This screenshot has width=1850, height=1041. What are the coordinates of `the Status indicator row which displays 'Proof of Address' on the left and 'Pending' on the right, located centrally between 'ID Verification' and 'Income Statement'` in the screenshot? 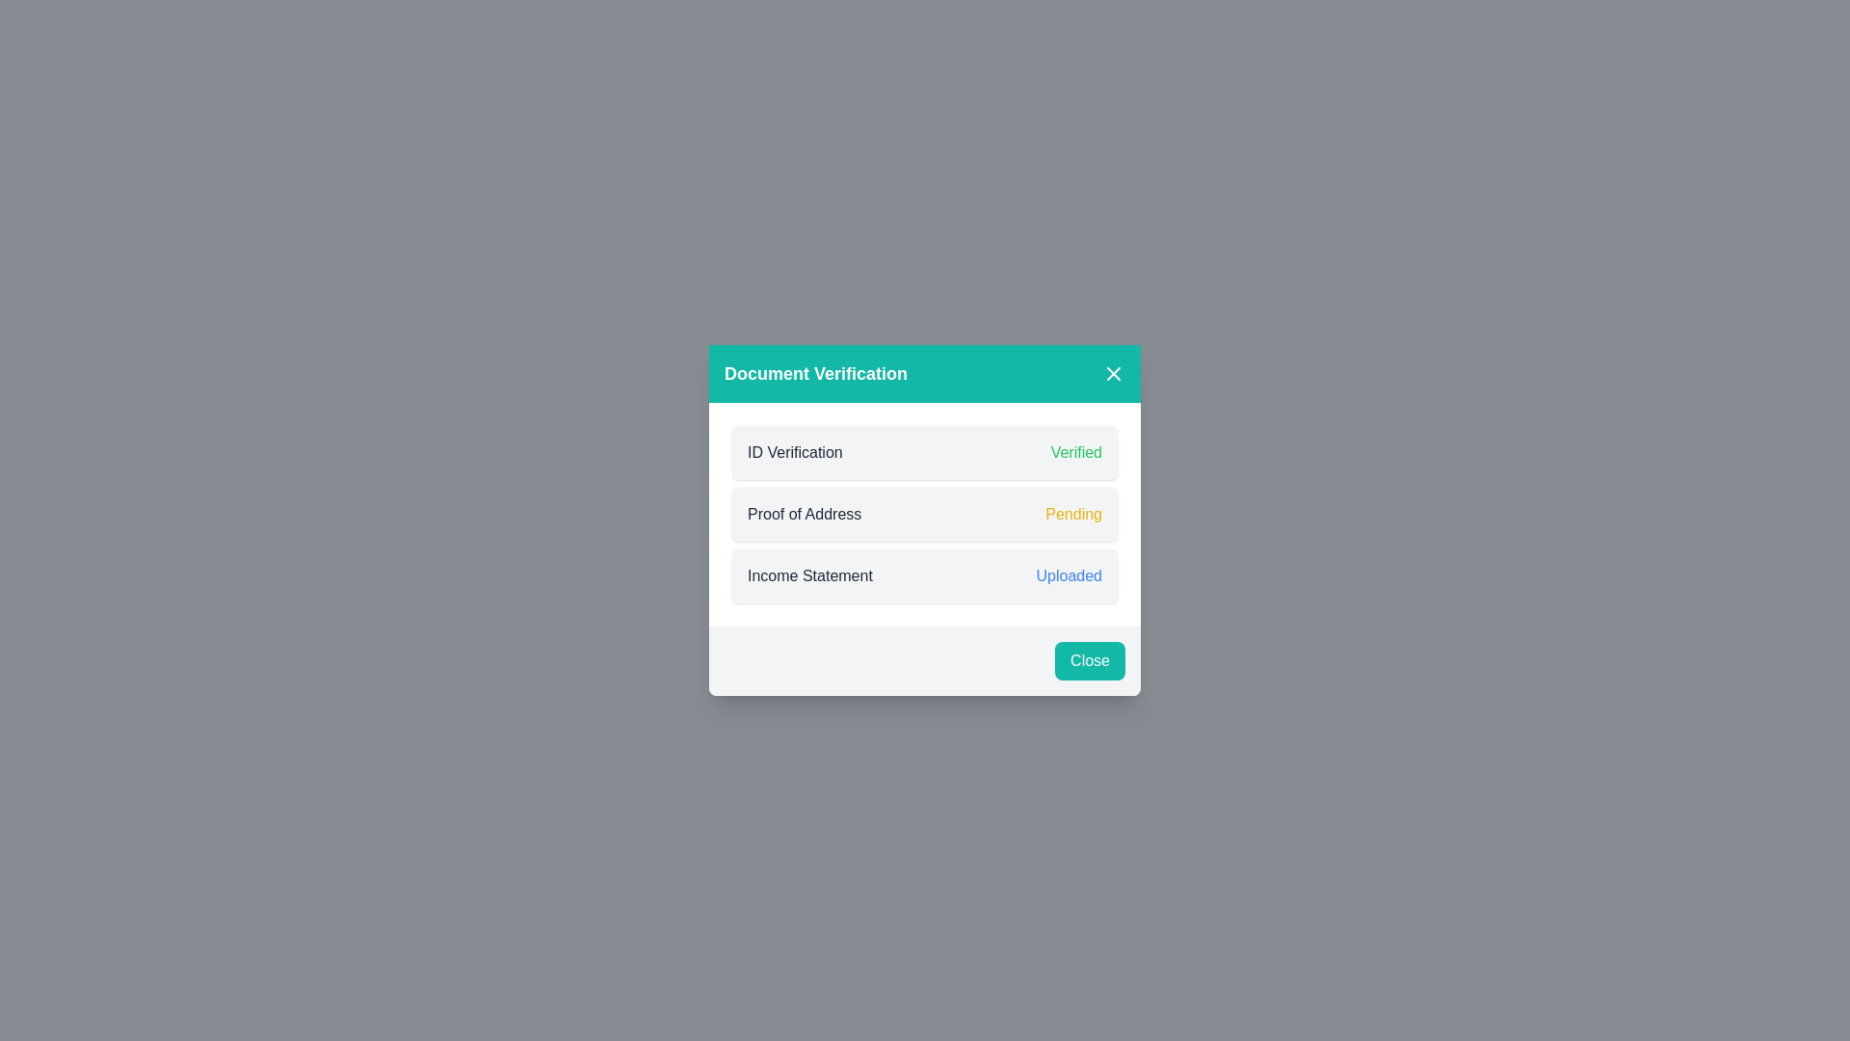 It's located at (925, 513).